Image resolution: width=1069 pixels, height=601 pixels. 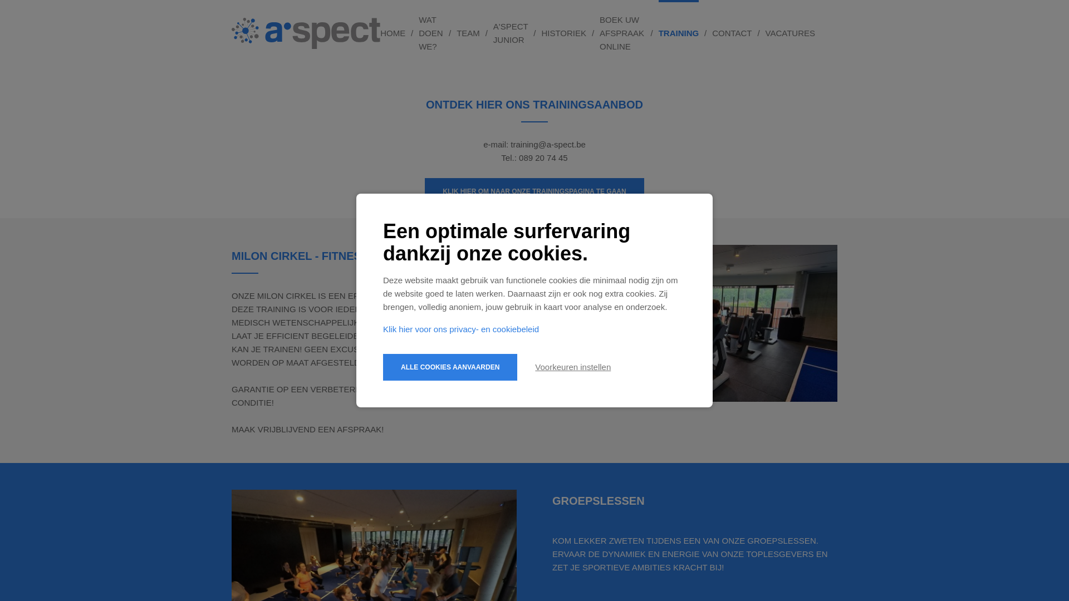 What do you see at coordinates (393, 33) in the screenshot?
I see `'HOME'` at bounding box center [393, 33].